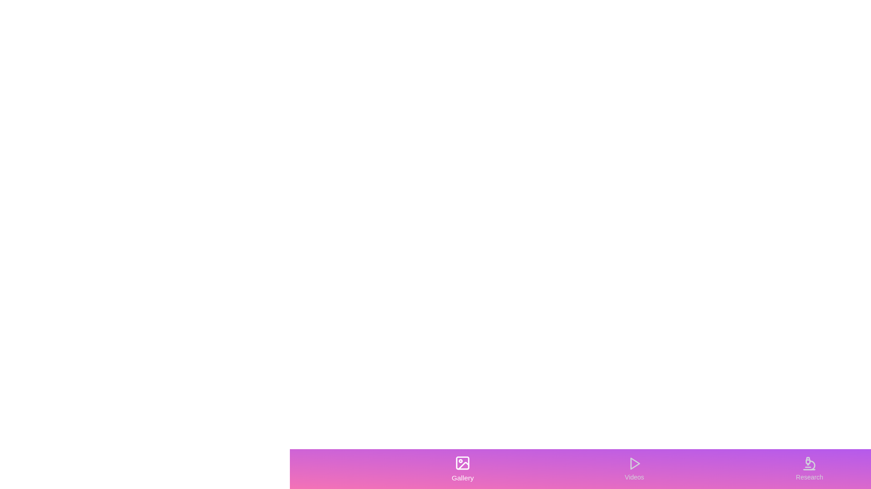 This screenshot has height=489, width=871. I want to click on the icon in the Videos tab, so click(634, 469).